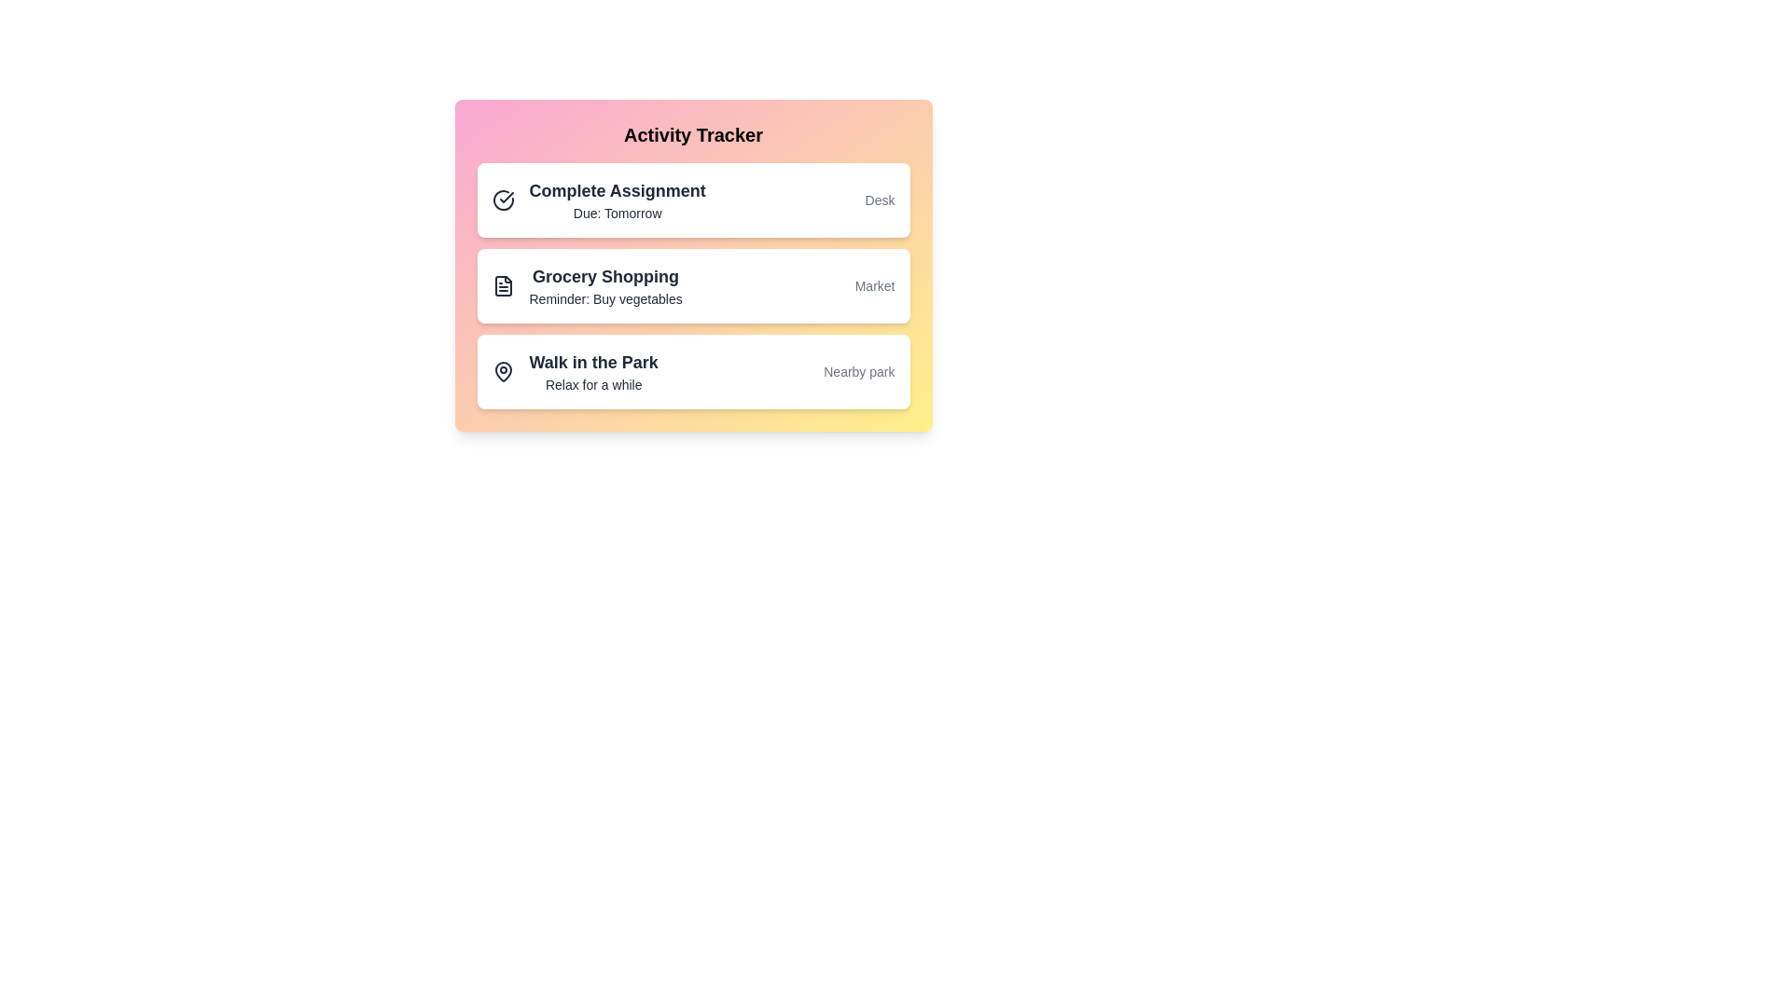 The width and height of the screenshot is (1791, 1007). Describe the element at coordinates (503, 200) in the screenshot. I see `the icon next to the activity item Complete Assignment` at that location.